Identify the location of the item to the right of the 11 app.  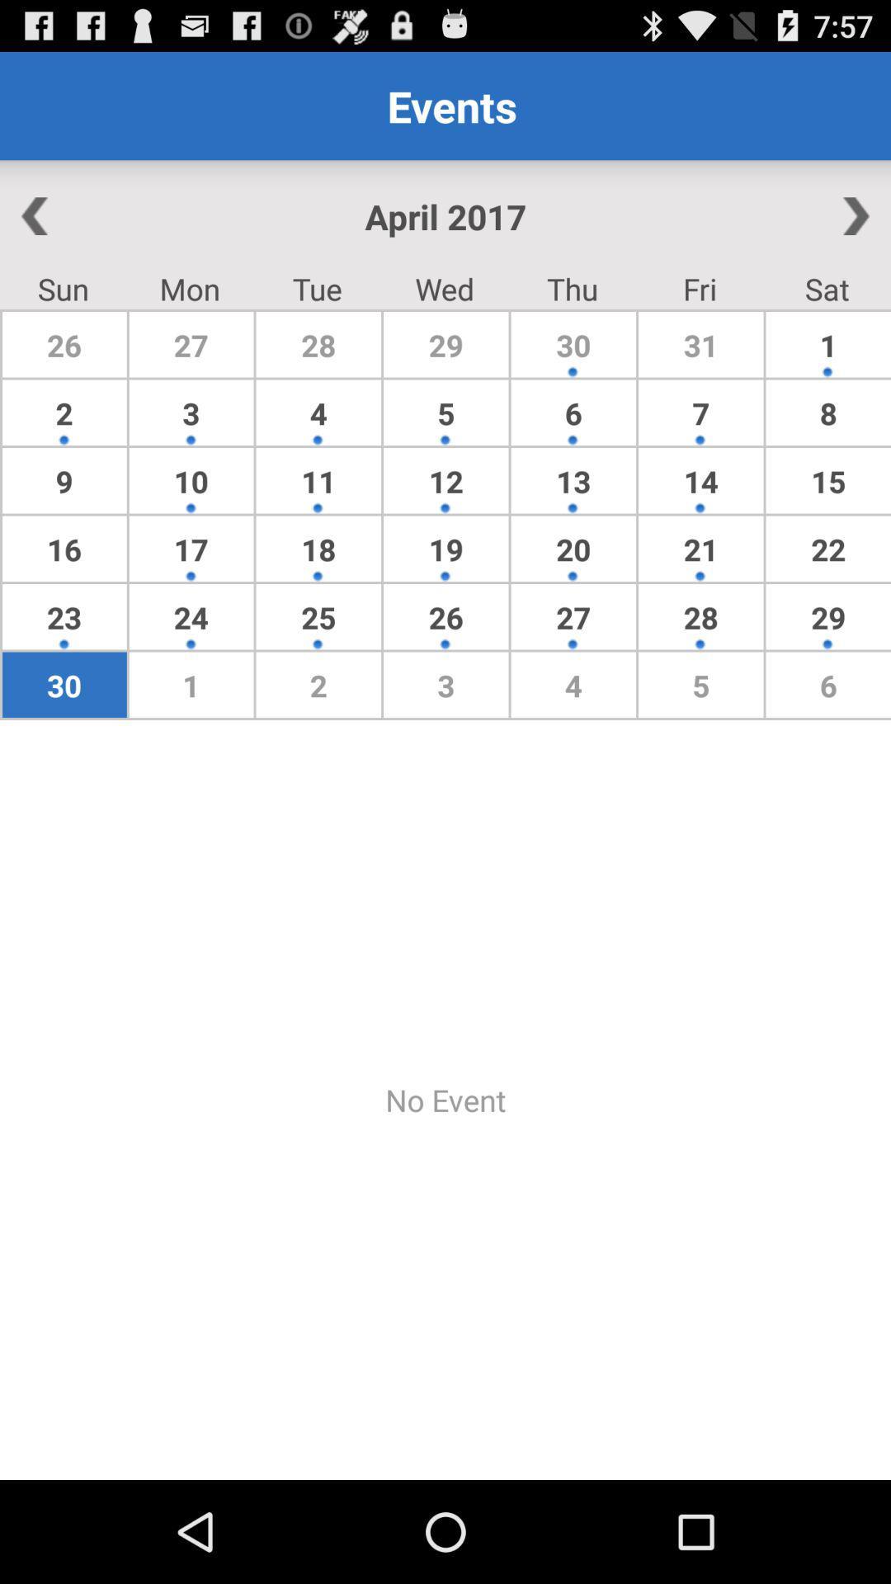
(445, 549).